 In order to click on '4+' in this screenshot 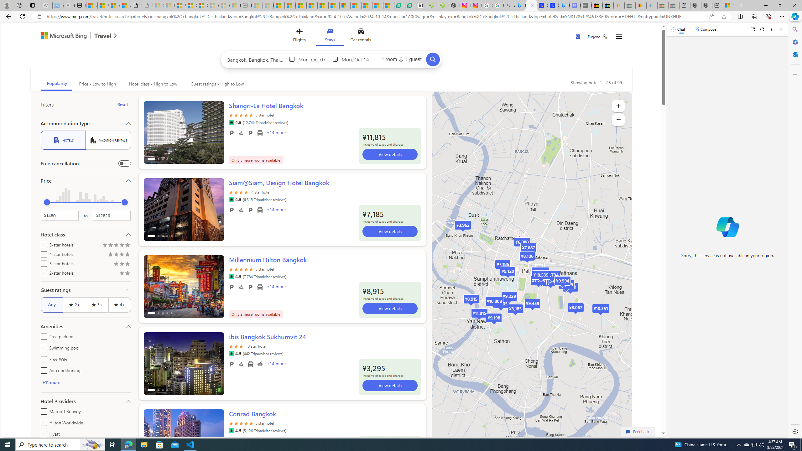, I will do `click(119, 304)`.